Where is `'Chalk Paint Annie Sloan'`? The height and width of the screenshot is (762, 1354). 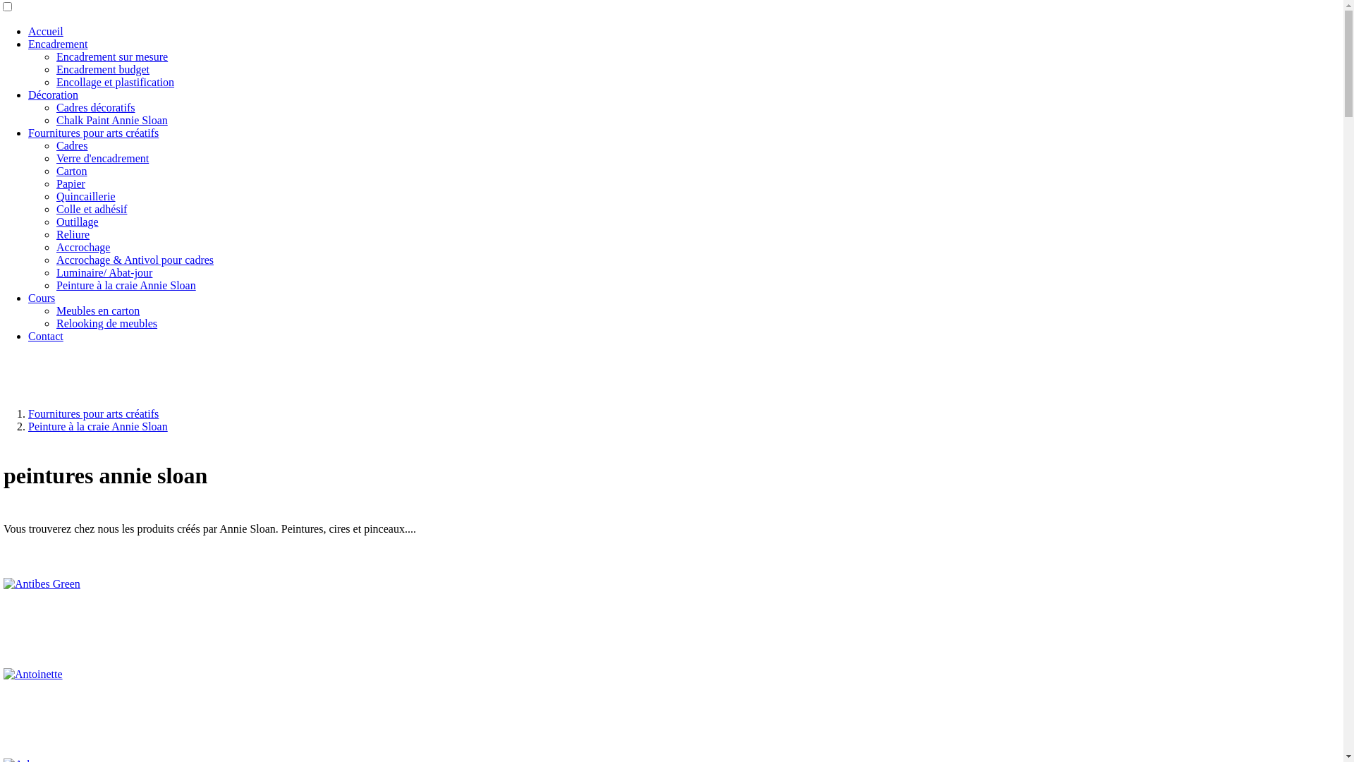 'Chalk Paint Annie Sloan' is located at coordinates (111, 119).